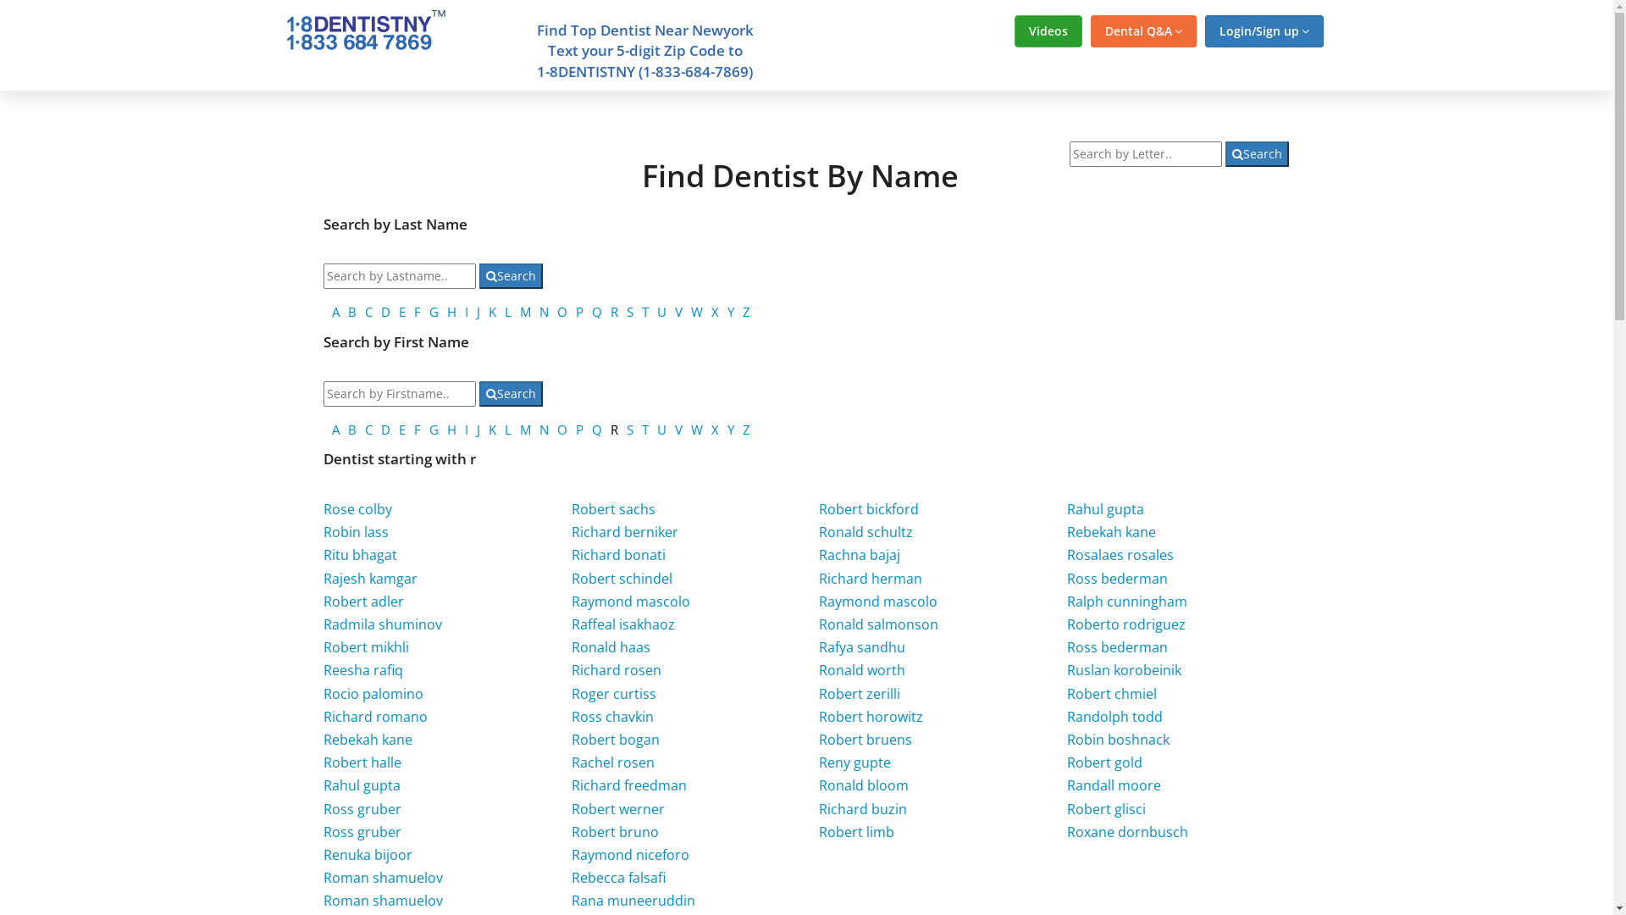  I want to click on 'Robert bruens', so click(866, 738).